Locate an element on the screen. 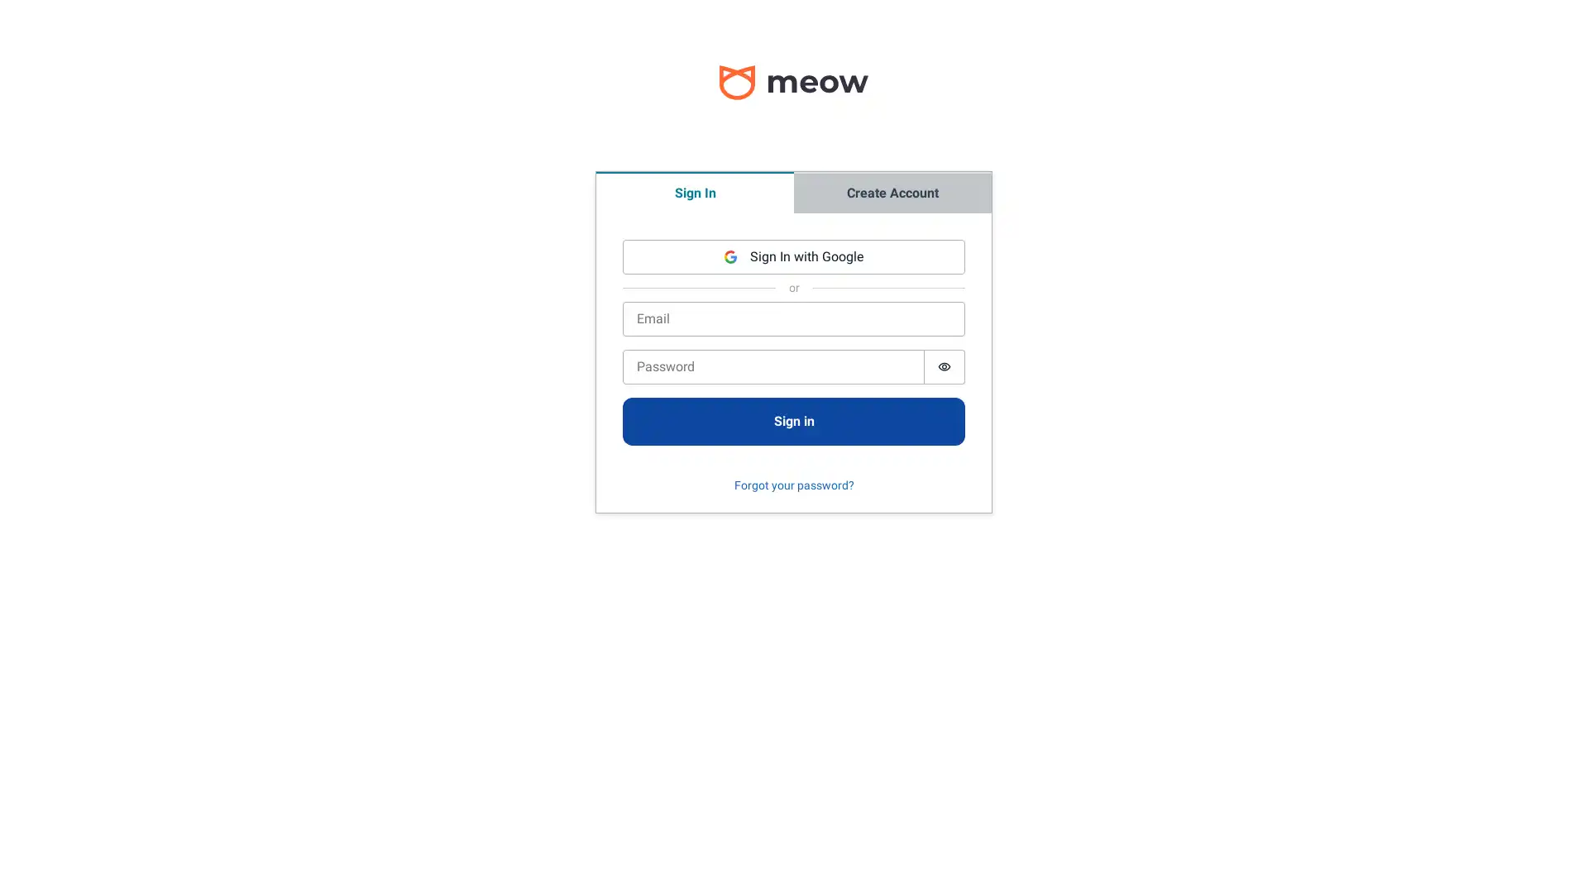 This screenshot has height=893, width=1588. Sign in is located at coordinates (794, 420).